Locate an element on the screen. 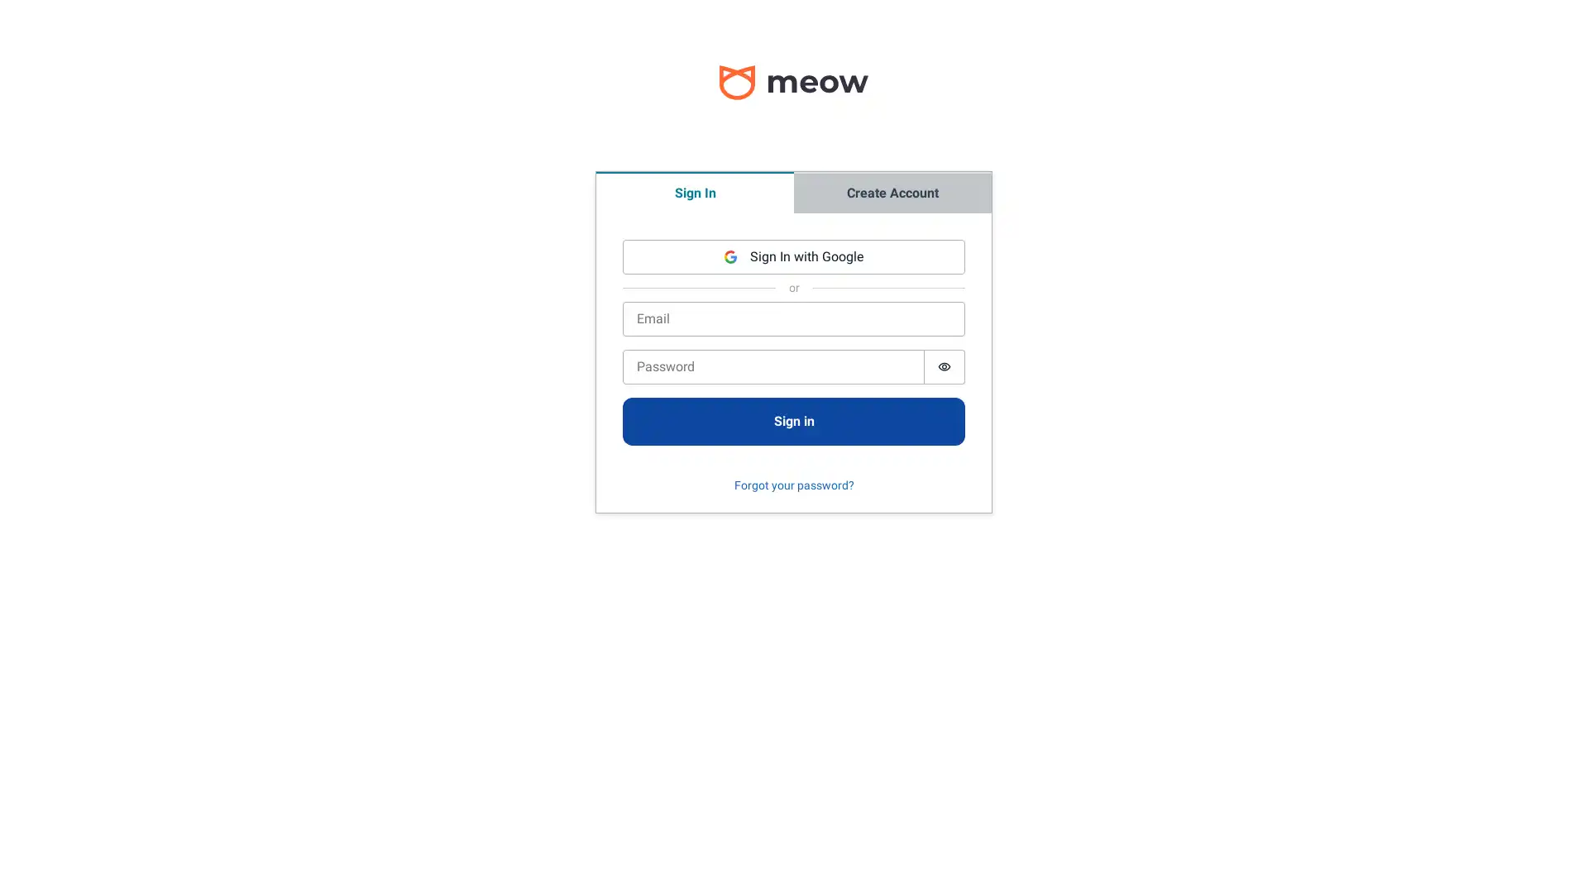 This screenshot has height=893, width=1588. Sign in is located at coordinates (794, 420).